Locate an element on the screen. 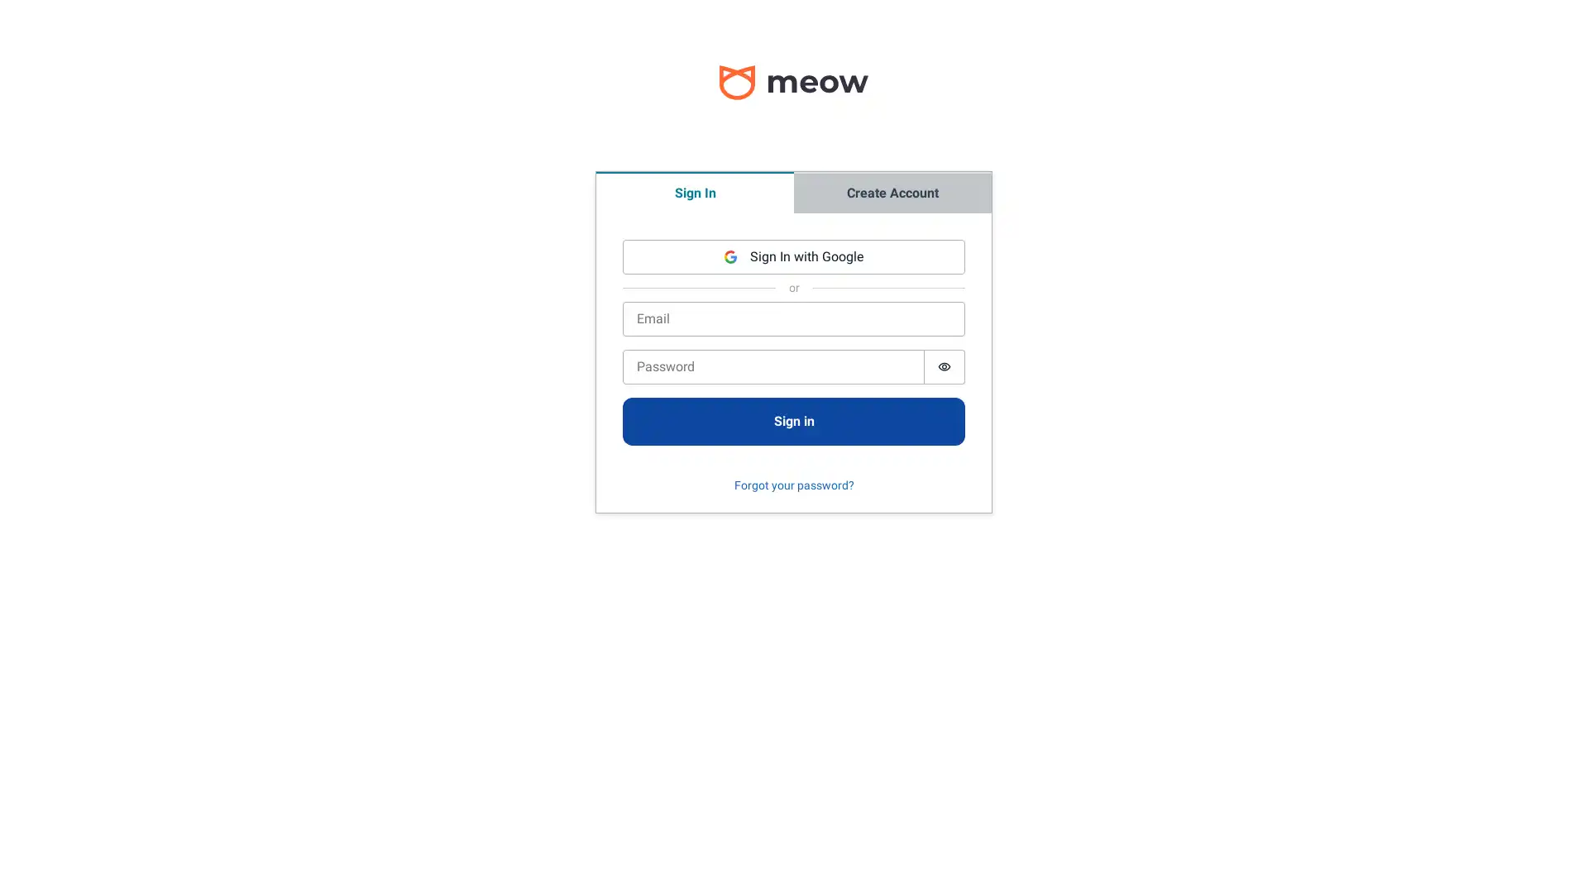 This screenshot has height=893, width=1588. Sign in is located at coordinates (794, 420).